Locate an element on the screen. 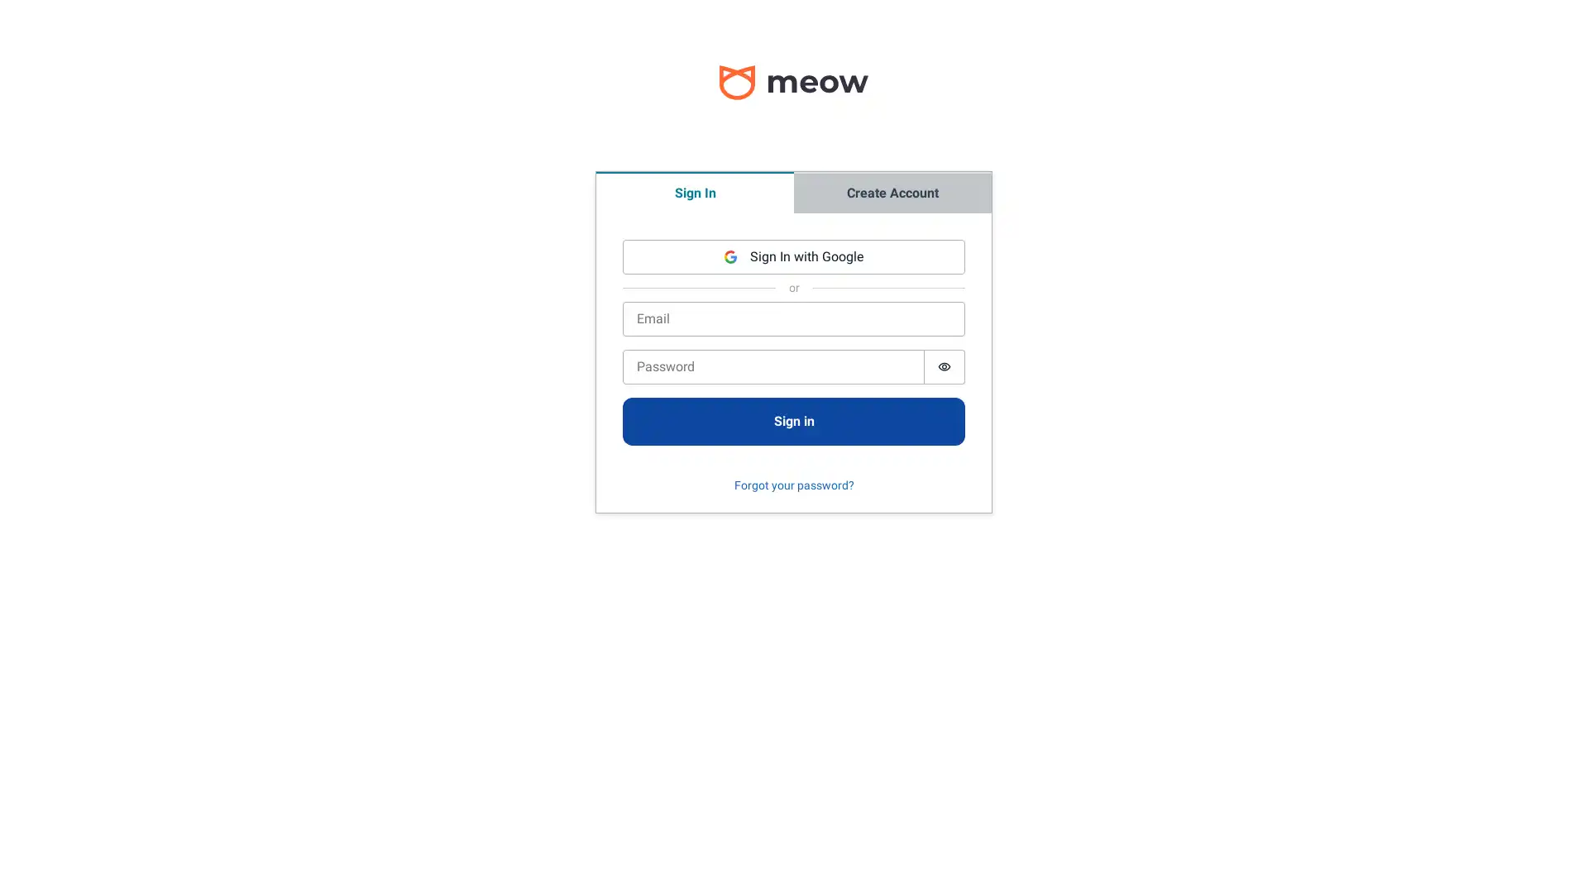 This screenshot has height=893, width=1588. Sign in is located at coordinates (794, 420).